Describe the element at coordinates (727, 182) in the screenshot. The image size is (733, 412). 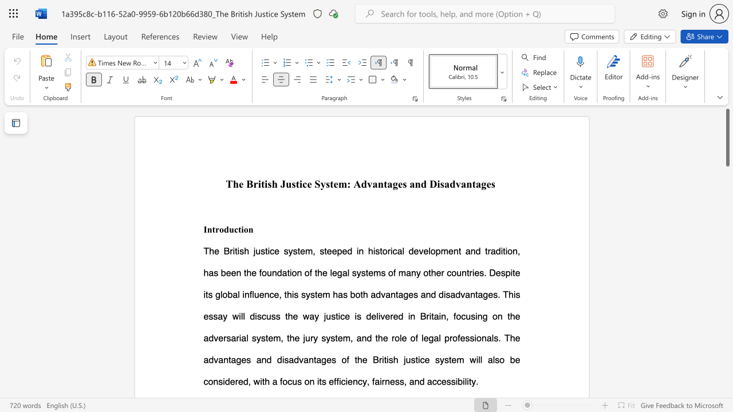
I see `the scrollbar to move the view down` at that location.